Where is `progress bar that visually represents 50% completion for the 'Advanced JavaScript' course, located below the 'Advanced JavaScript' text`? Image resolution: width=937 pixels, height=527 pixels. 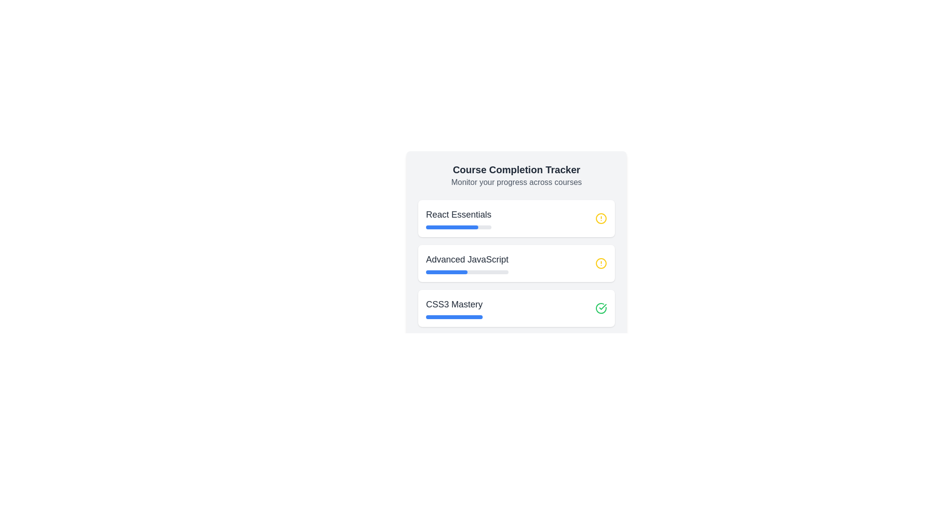 progress bar that visually represents 50% completion for the 'Advanced JavaScript' course, located below the 'Advanced JavaScript' text is located at coordinates (467, 272).